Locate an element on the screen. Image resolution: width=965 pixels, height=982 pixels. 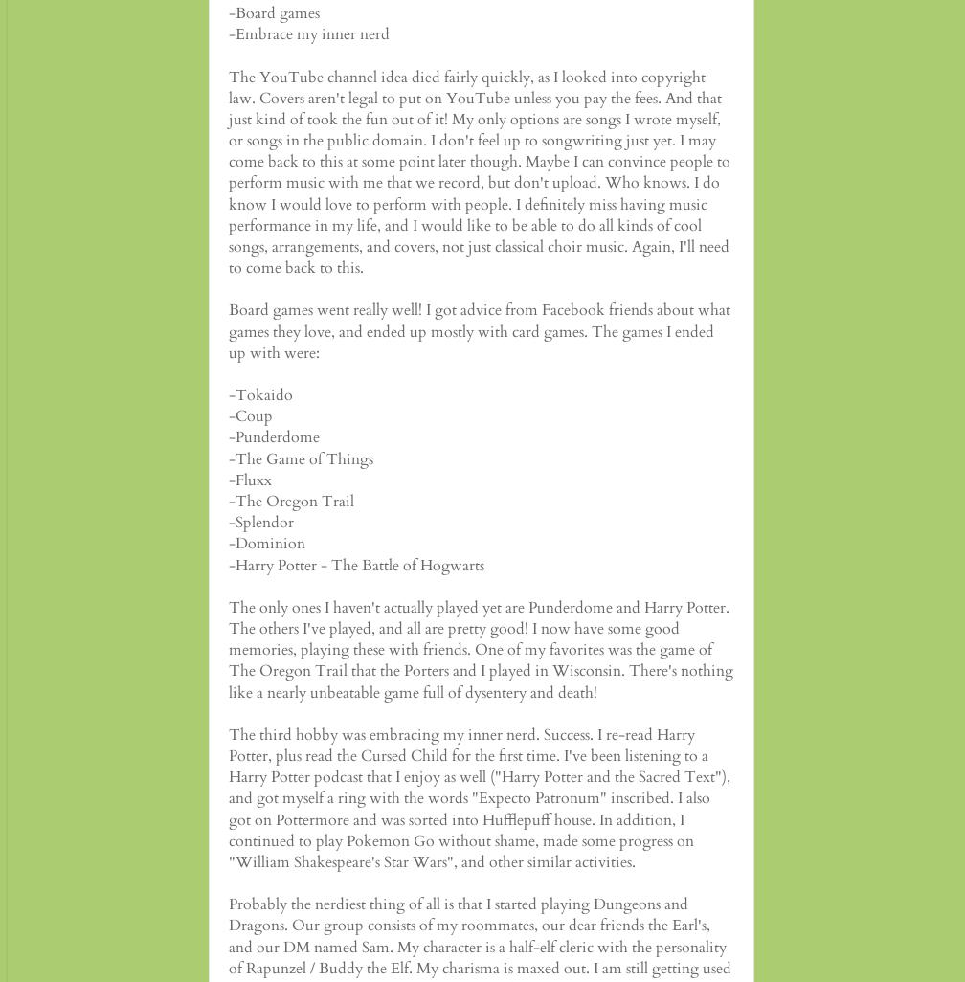
'-The Game of Things' is located at coordinates (301, 458).